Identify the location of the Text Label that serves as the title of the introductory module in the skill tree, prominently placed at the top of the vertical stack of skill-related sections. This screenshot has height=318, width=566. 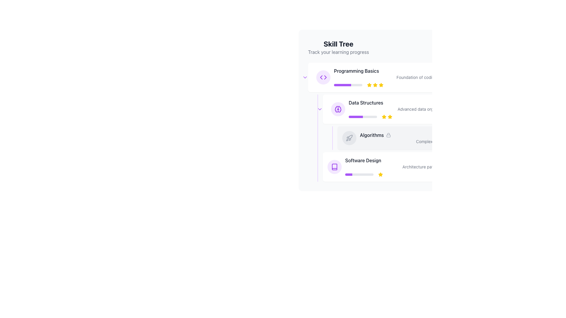
(356, 70).